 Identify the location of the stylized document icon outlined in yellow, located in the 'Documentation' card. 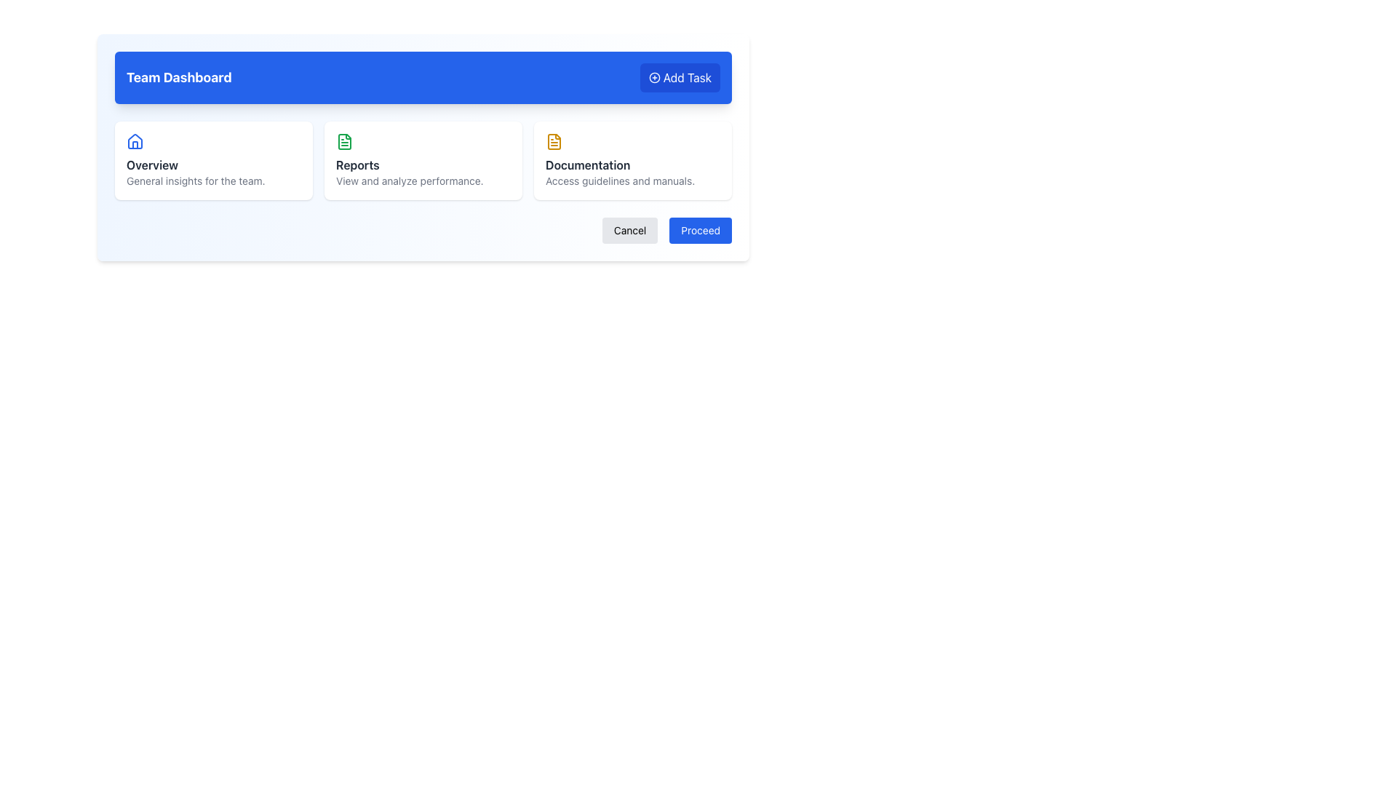
(554, 142).